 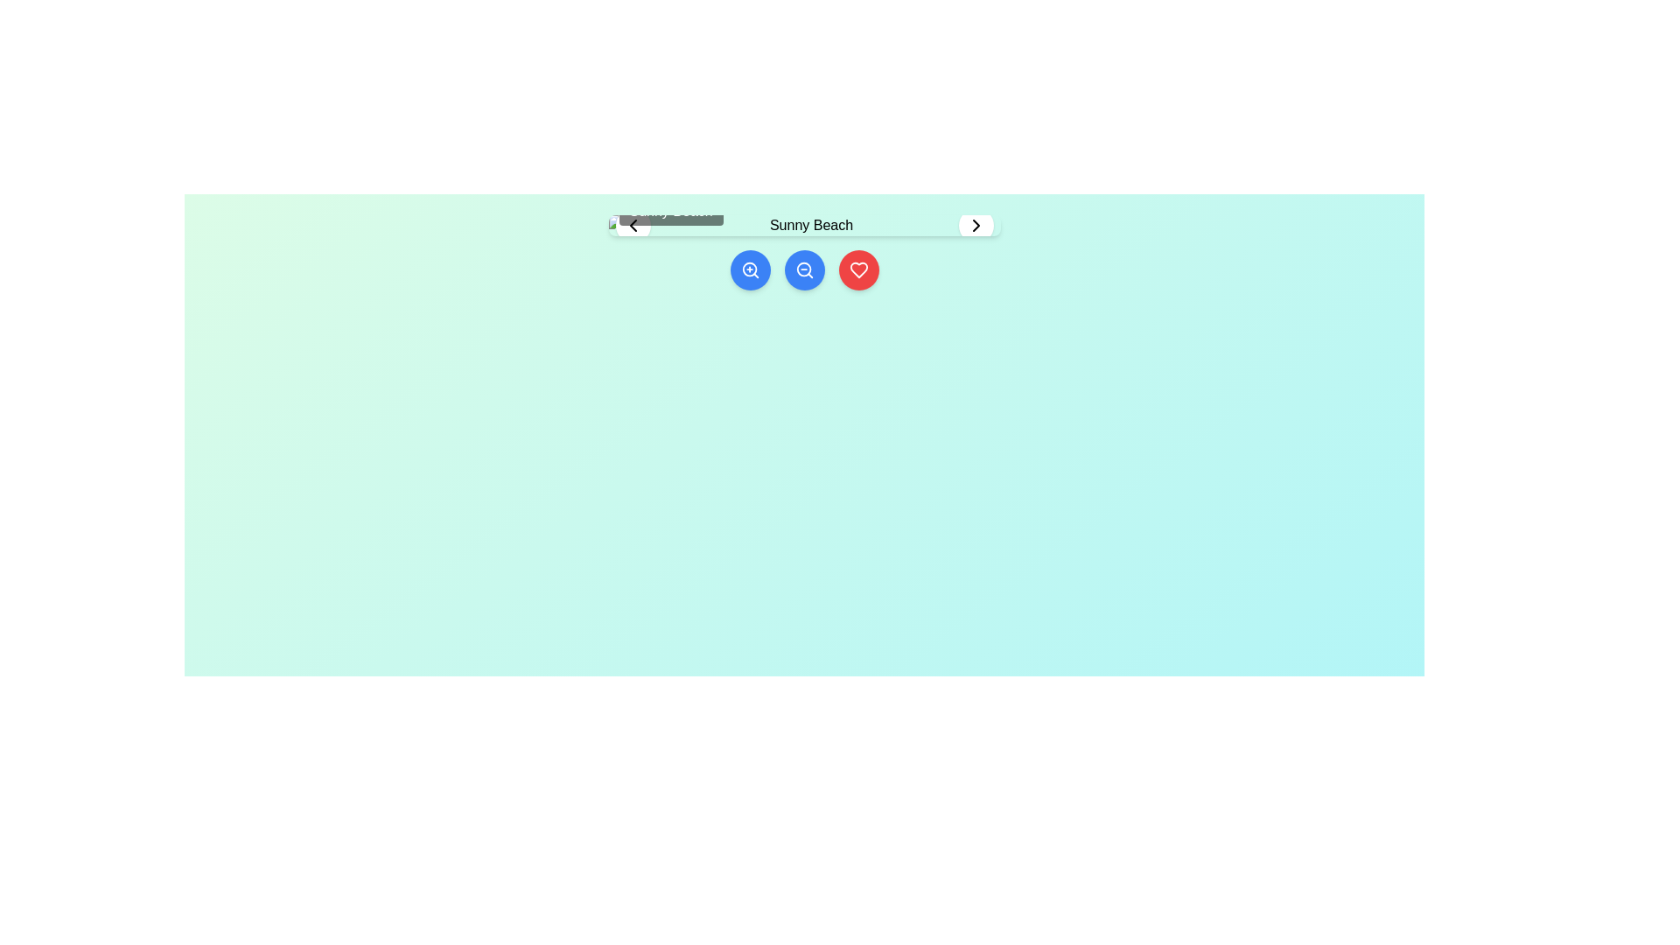 I want to click on the circular blue button with a magnifying glass icon, which is the first button in a group of three below the title 'Sunny Beach', so click(x=750, y=269).